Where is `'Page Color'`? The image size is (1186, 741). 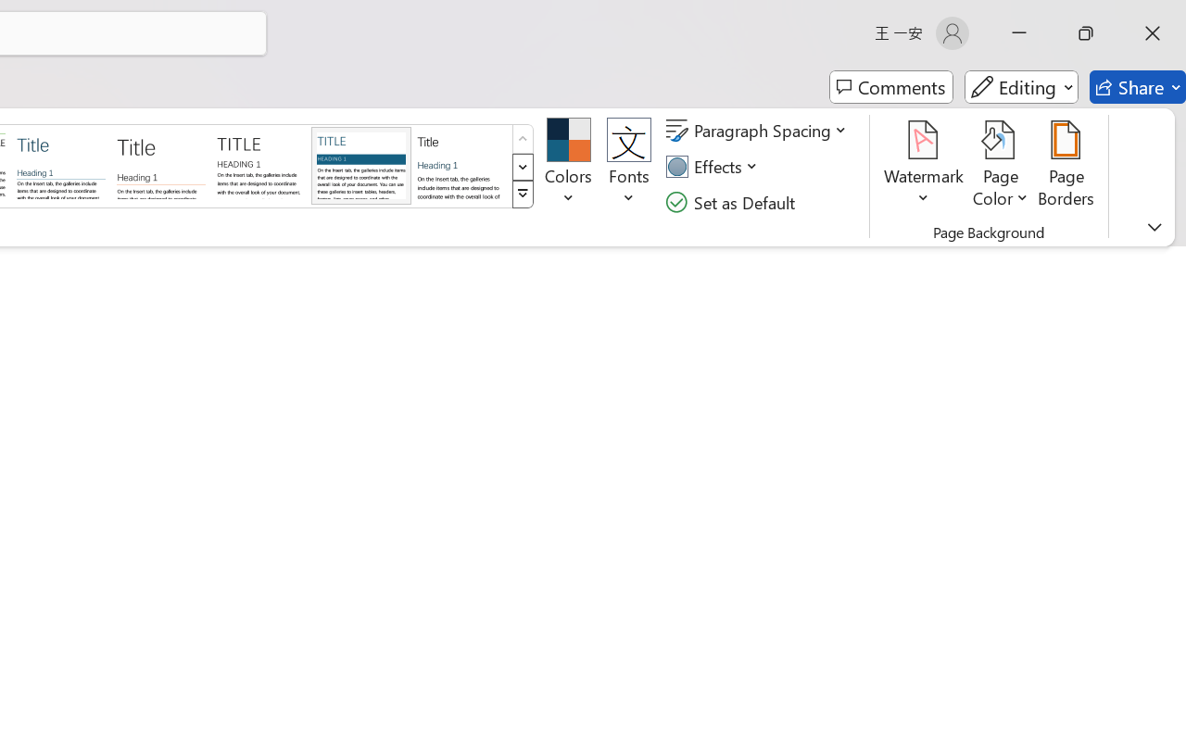
'Page Color' is located at coordinates (1000, 166).